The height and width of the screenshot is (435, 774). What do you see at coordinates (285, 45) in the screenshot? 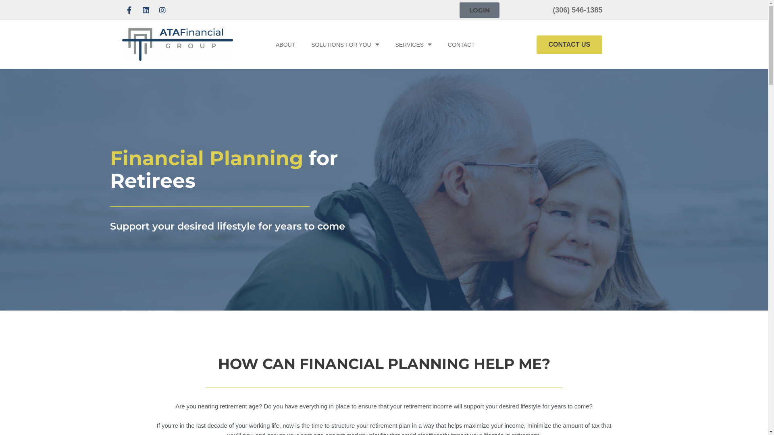
I see `'ABOUT'` at bounding box center [285, 45].